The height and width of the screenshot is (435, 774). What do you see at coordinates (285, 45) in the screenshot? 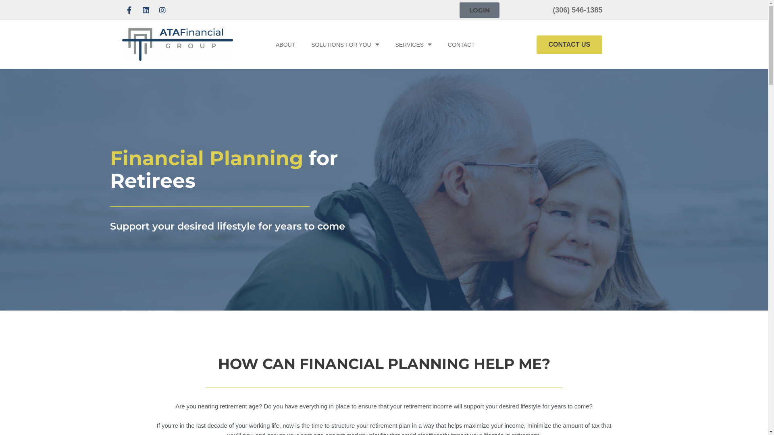
I see `'ABOUT'` at bounding box center [285, 45].